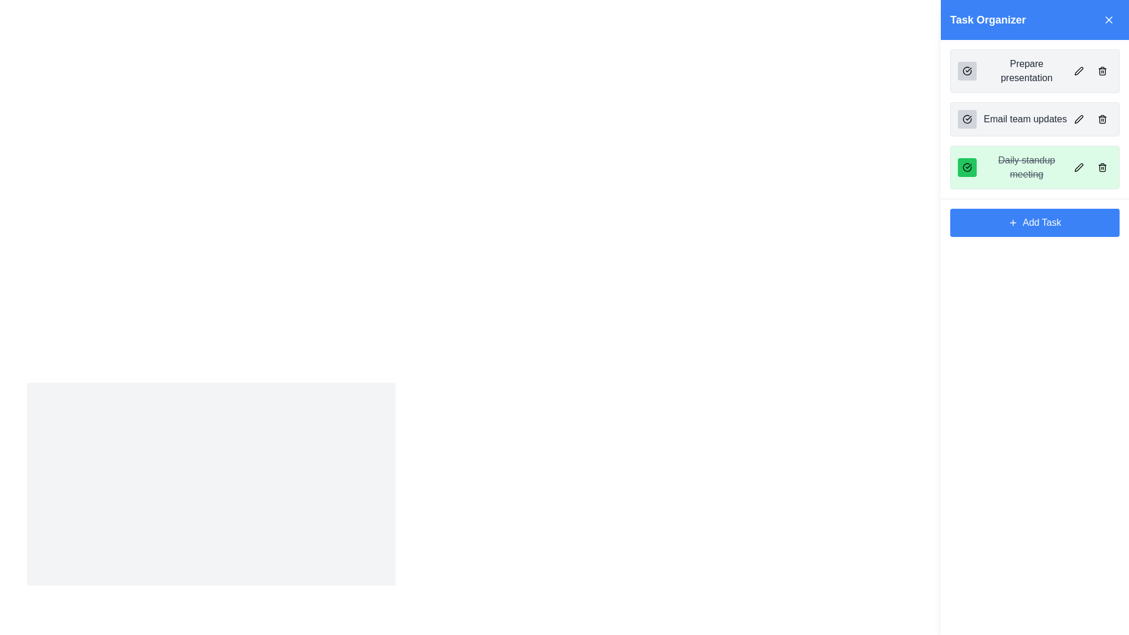  Describe the element at coordinates (1035, 168) in the screenshot. I see `the third task item in the 'Task Organizer' panel, which features a green background and line-through styled text reading 'Daily standup meeting'` at that location.